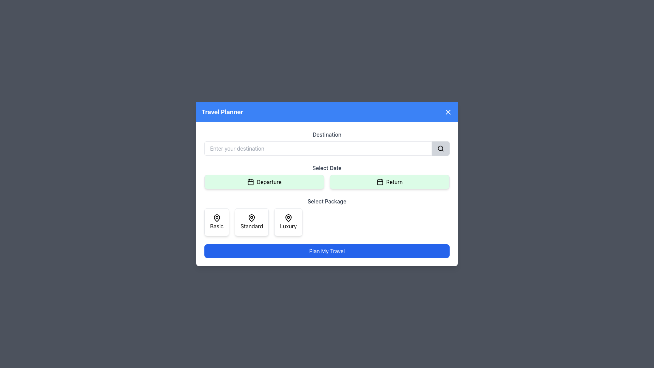 Image resolution: width=654 pixels, height=368 pixels. What do you see at coordinates (441, 148) in the screenshot?
I see `the rectangular gray button with rounded right corners that contains a black magnifying glass icon, positioned to the right of the 'Enter your destination' text input field` at bounding box center [441, 148].